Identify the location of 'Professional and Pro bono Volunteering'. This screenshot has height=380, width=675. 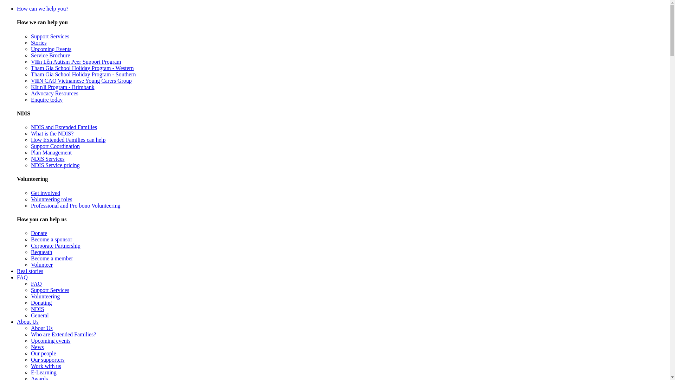
(76, 205).